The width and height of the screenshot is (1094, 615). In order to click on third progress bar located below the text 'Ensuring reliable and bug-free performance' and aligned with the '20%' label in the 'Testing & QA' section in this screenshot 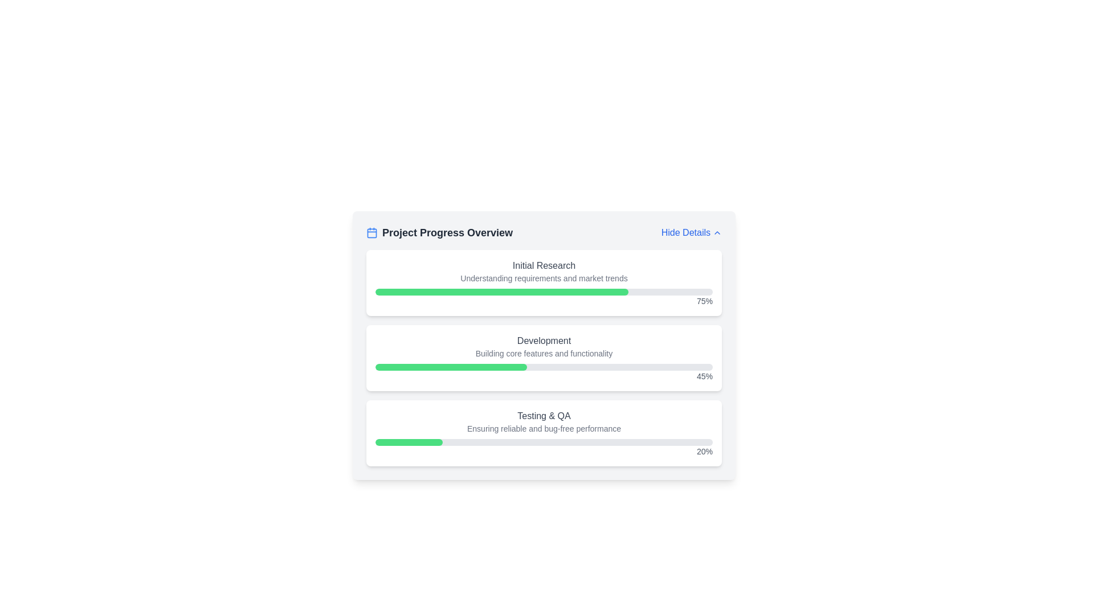, I will do `click(544, 441)`.